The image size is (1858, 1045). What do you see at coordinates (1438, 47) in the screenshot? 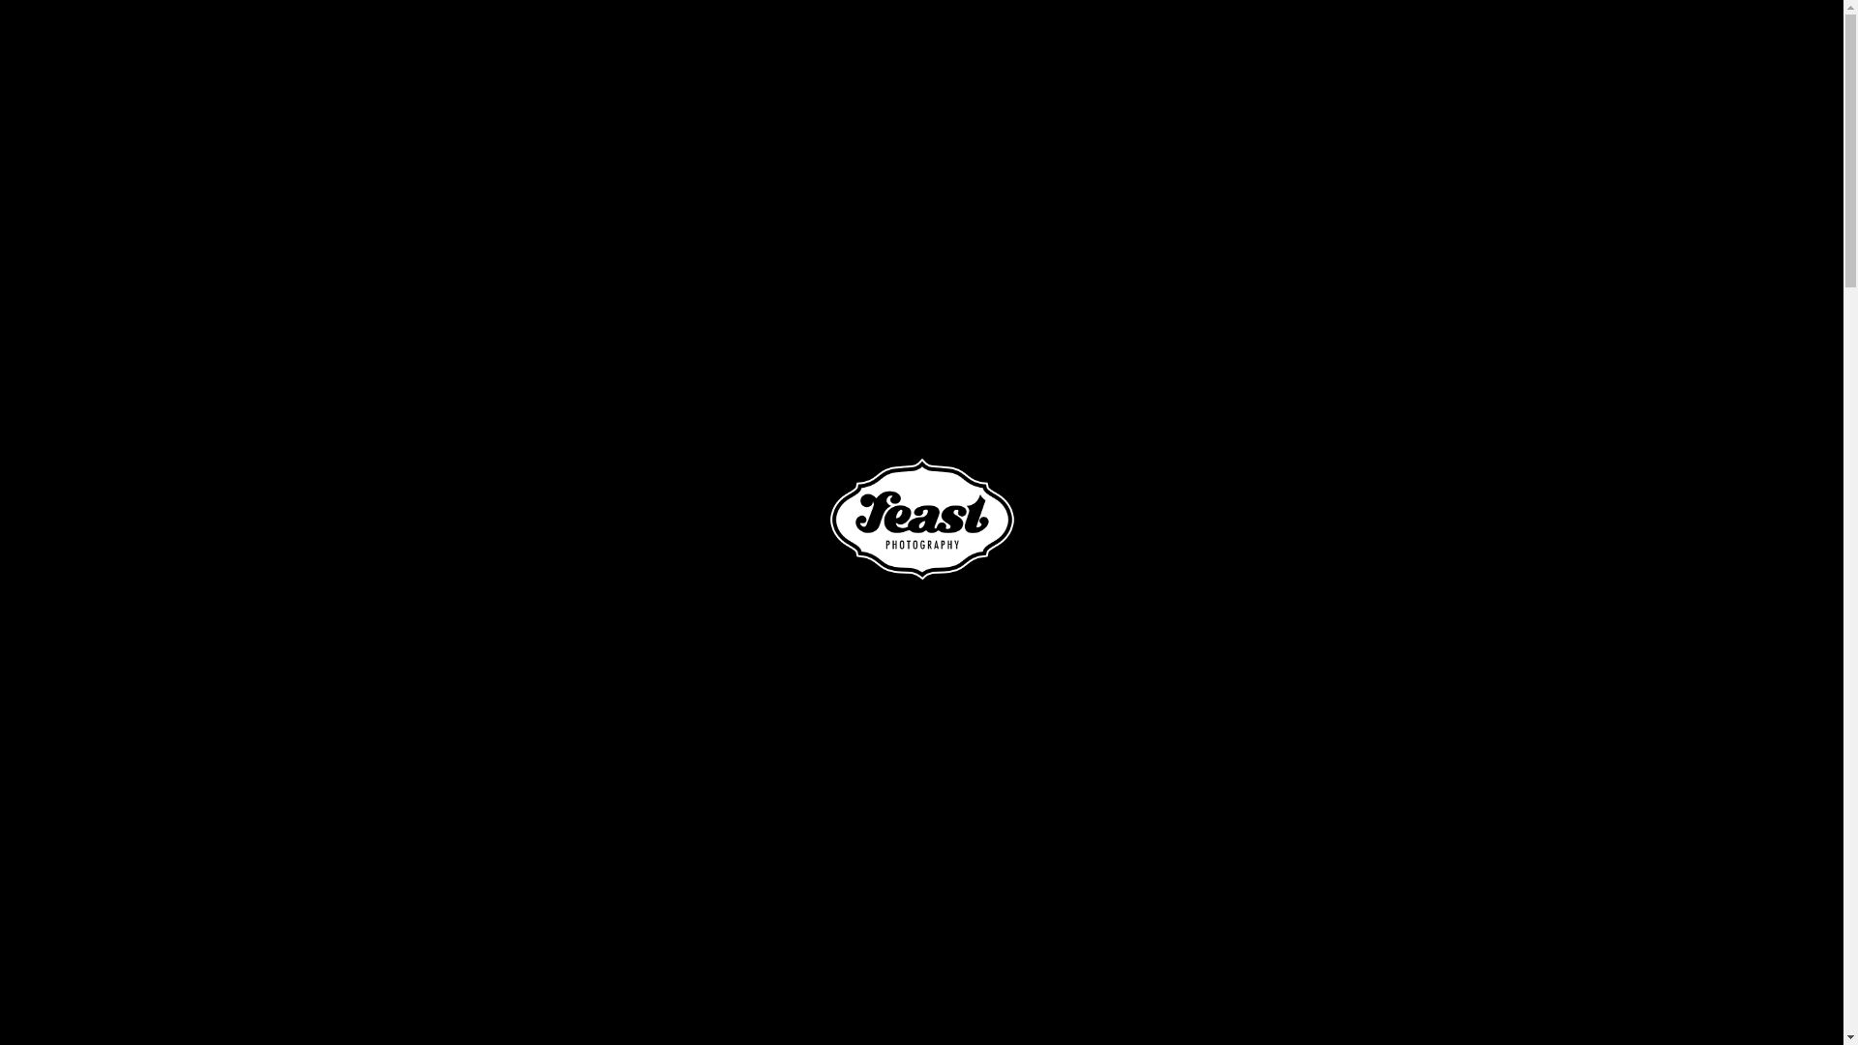
I see `'CASE STUDIES'` at bounding box center [1438, 47].